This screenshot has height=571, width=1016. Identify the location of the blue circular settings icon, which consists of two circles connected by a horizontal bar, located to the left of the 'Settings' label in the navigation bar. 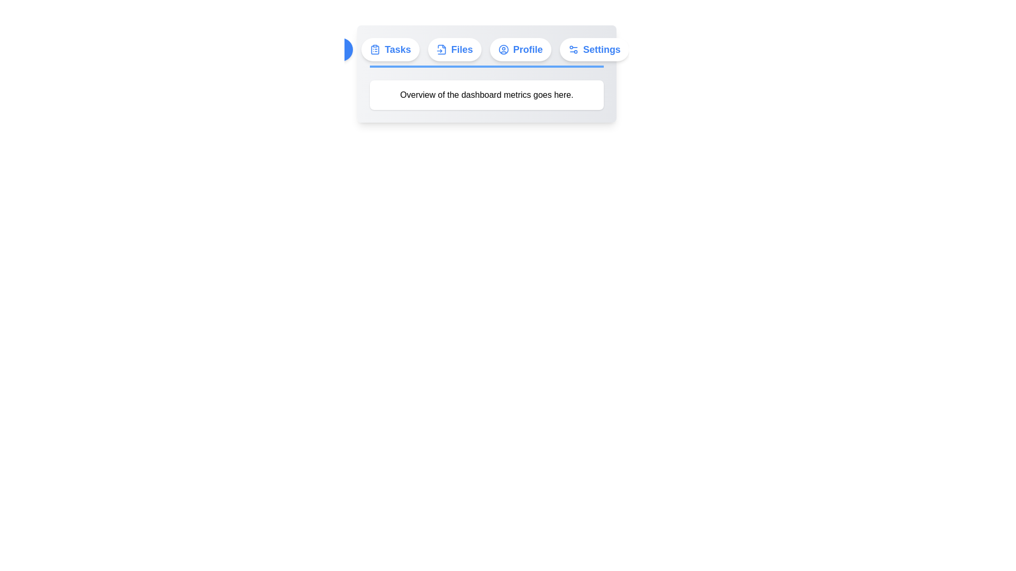
(573, 49).